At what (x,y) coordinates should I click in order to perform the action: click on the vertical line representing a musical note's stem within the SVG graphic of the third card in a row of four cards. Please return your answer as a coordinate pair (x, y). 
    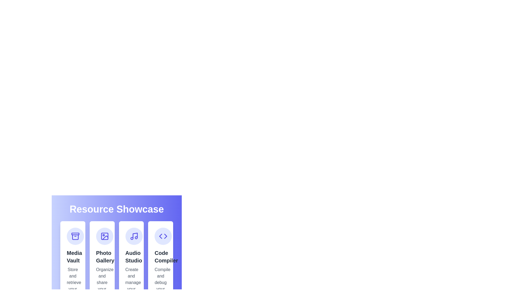
    Looking at the image, I should click on (135, 235).